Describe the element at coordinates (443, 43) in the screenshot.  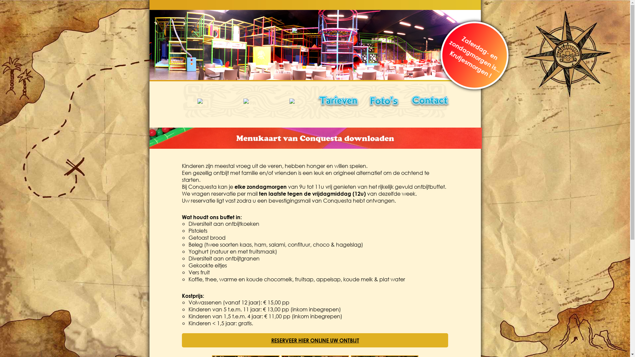
I see `'Zaterdag- en` at that location.